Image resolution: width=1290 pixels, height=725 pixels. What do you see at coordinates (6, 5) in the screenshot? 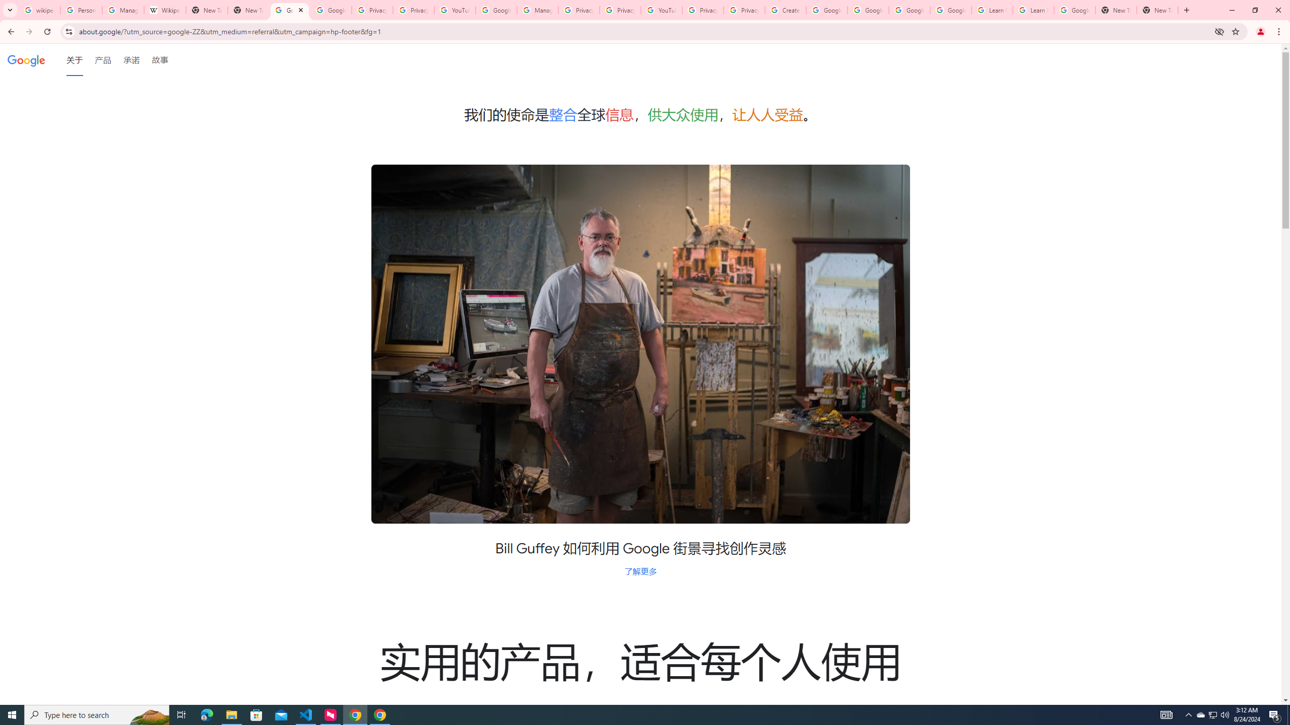
I see `'System'` at bounding box center [6, 5].